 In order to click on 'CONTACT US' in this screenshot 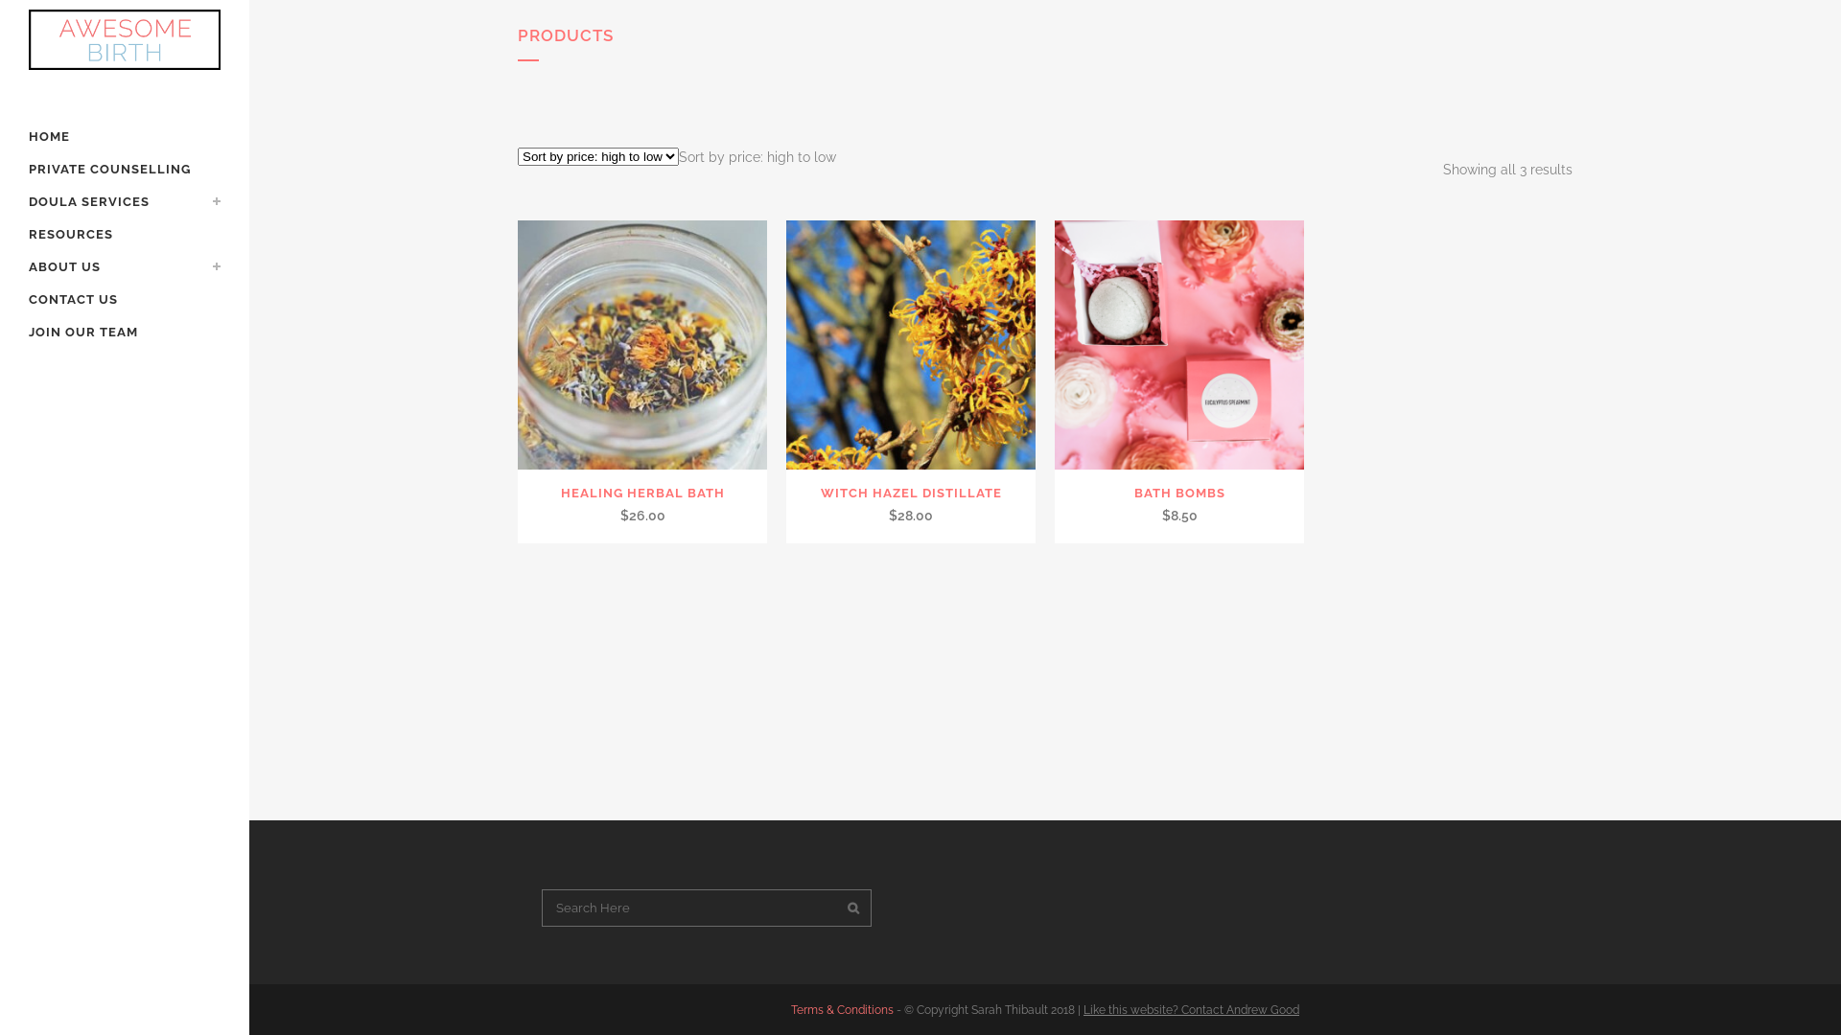, I will do `click(28, 299)`.